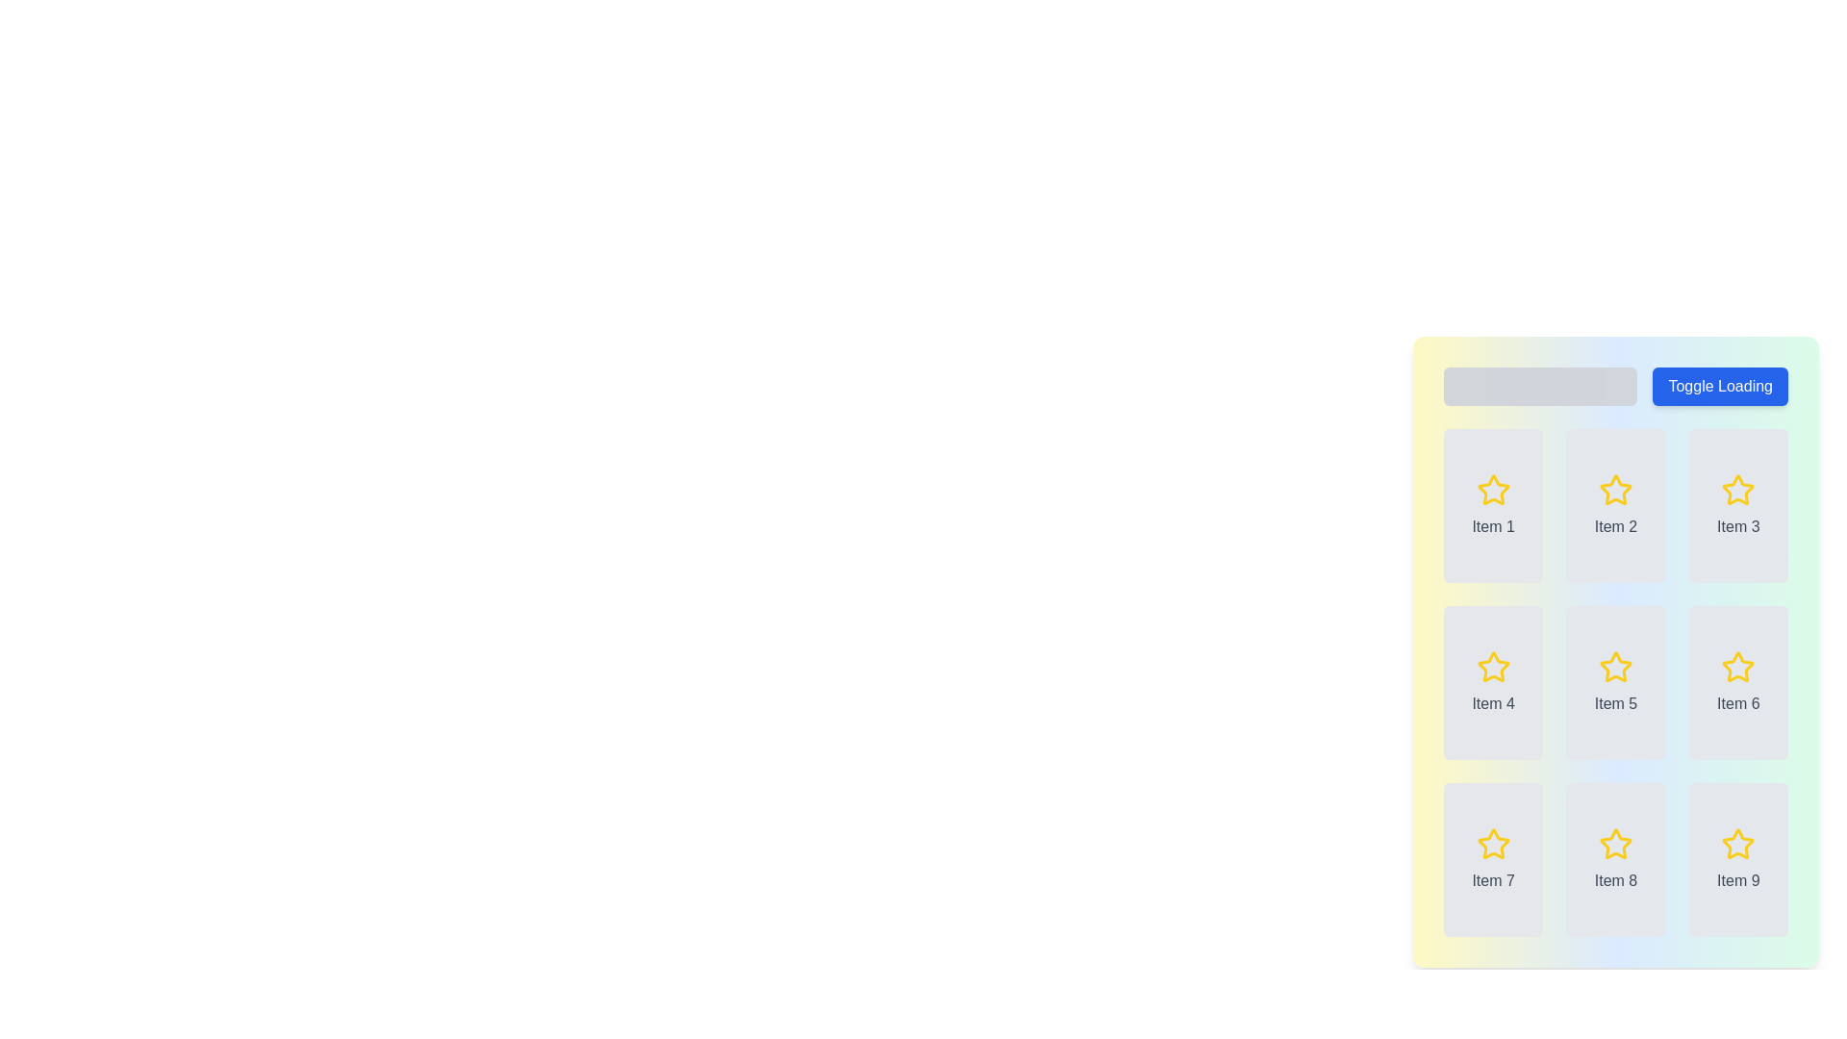 This screenshot has height=1039, width=1847. I want to click on displayed text 'Item 8' from the text label located in the second row and second column of the grid layout, below the yellow star icon, so click(1616, 880).